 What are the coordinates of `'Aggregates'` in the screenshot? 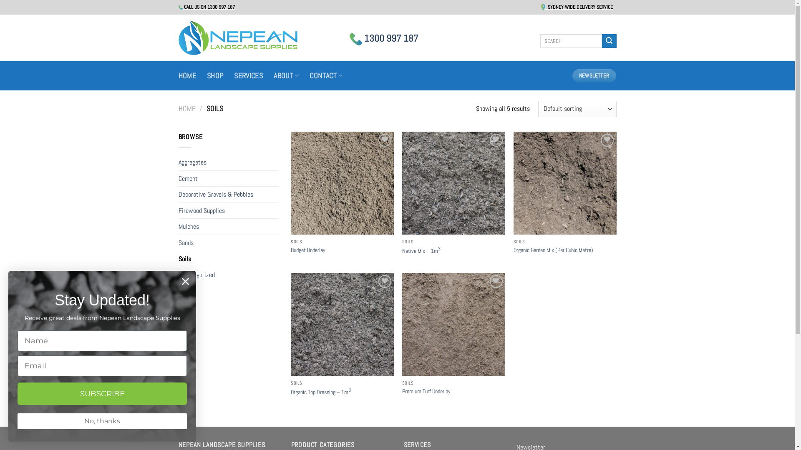 It's located at (228, 162).